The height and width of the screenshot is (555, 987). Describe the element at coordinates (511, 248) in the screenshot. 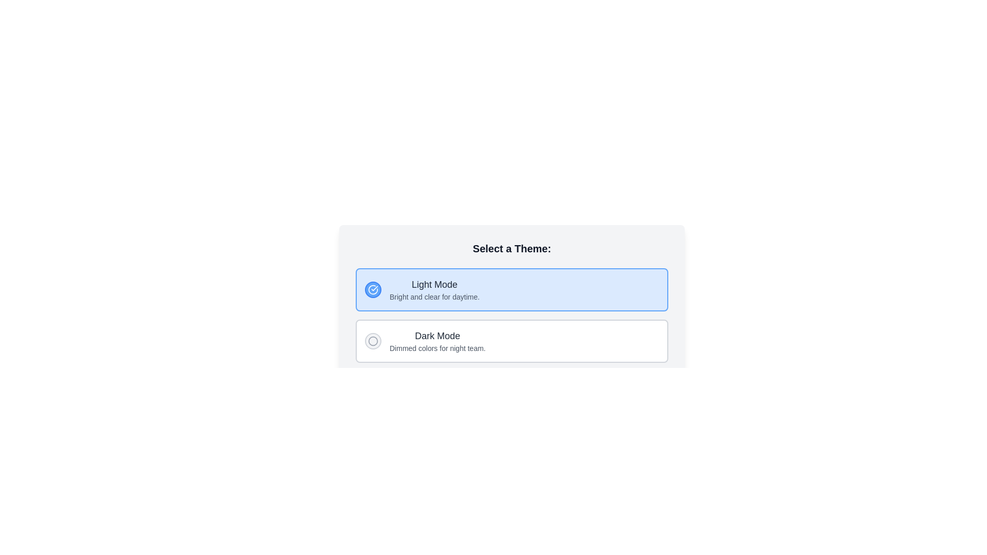

I see `the text header displaying 'Select a Theme:' which is a prominent label at the top of the theme options card` at that location.